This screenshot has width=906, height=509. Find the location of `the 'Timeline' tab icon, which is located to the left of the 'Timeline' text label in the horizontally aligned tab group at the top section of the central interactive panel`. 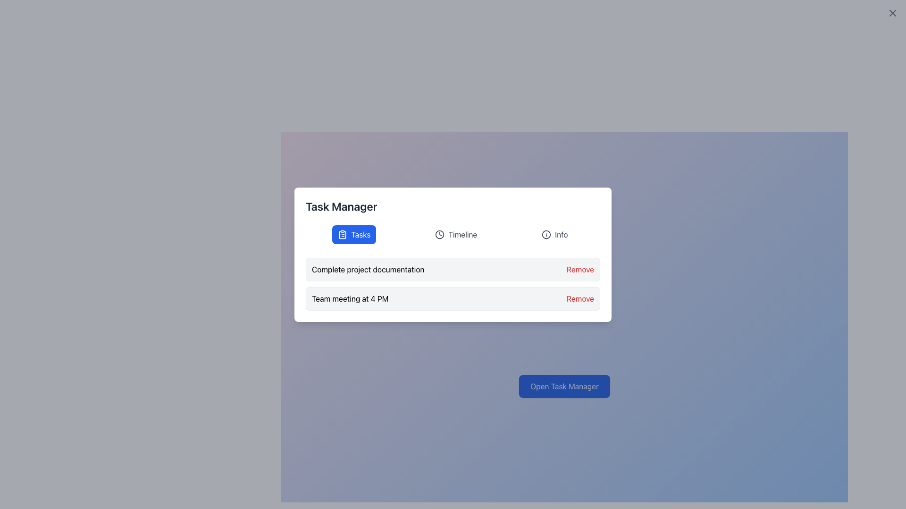

the 'Timeline' tab icon, which is located to the left of the 'Timeline' text label in the horizontally aligned tab group at the top section of the central interactive panel is located at coordinates (439, 234).